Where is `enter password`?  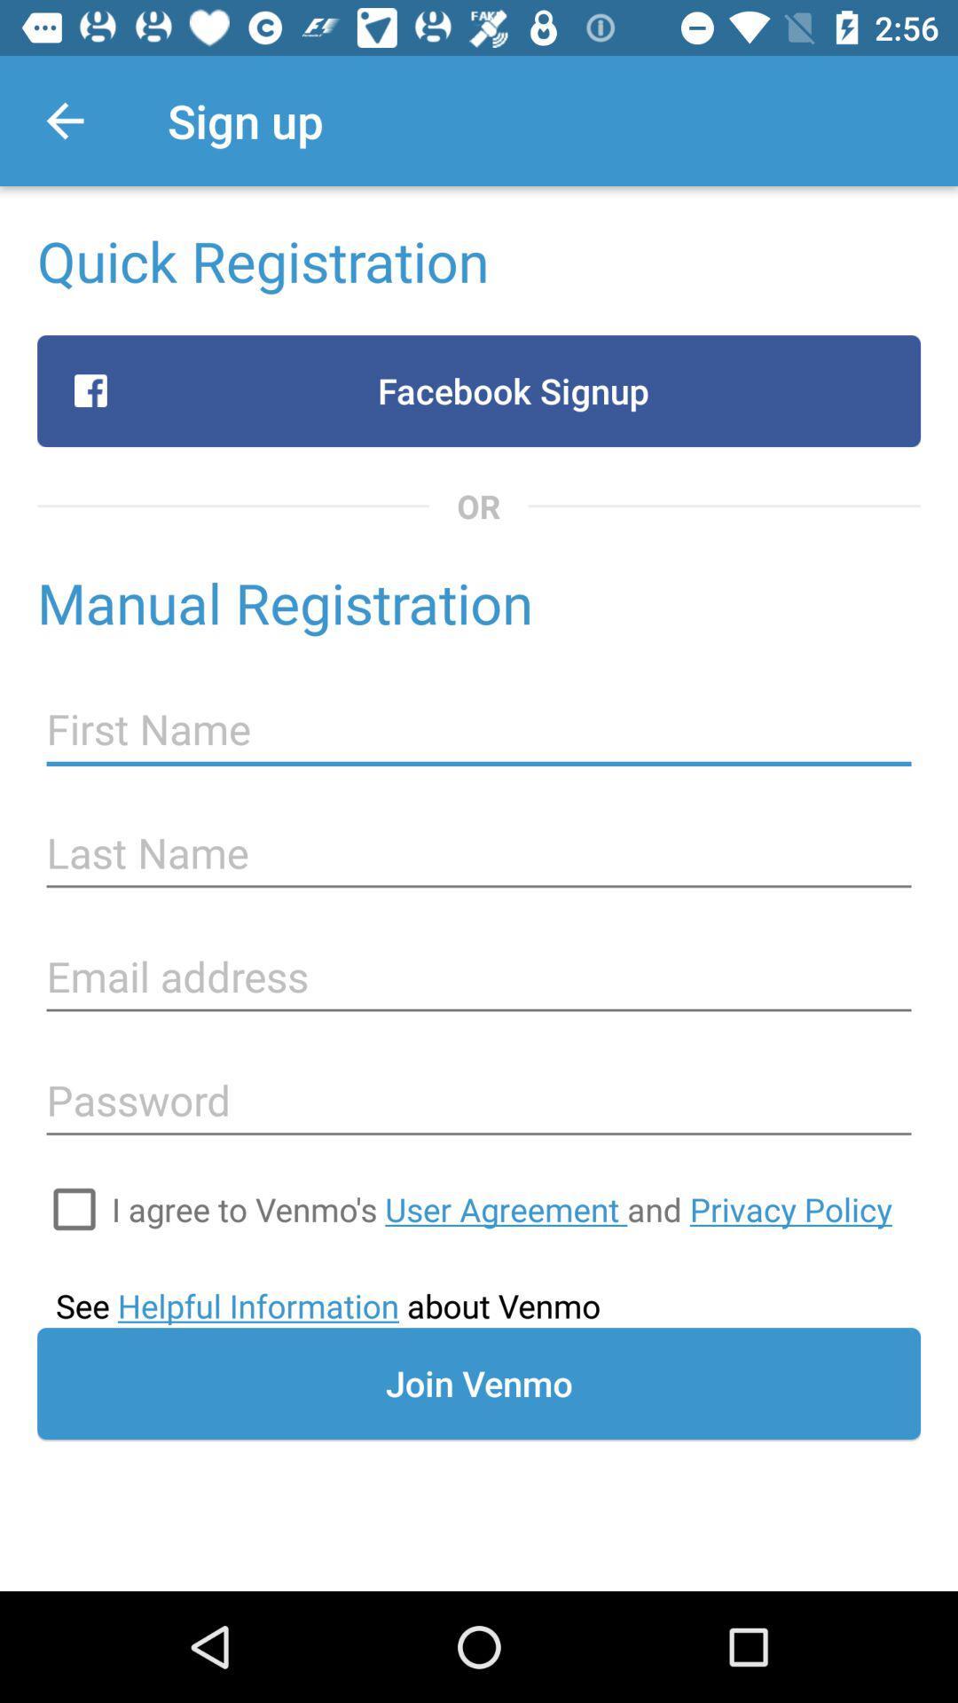 enter password is located at coordinates (479, 1100).